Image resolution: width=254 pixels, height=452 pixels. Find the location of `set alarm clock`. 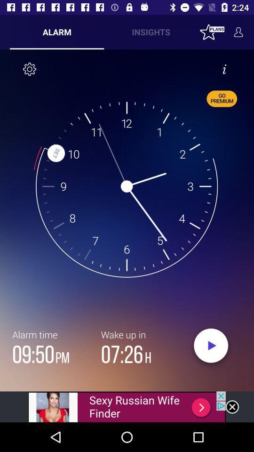

set alarm clock is located at coordinates (211, 347).